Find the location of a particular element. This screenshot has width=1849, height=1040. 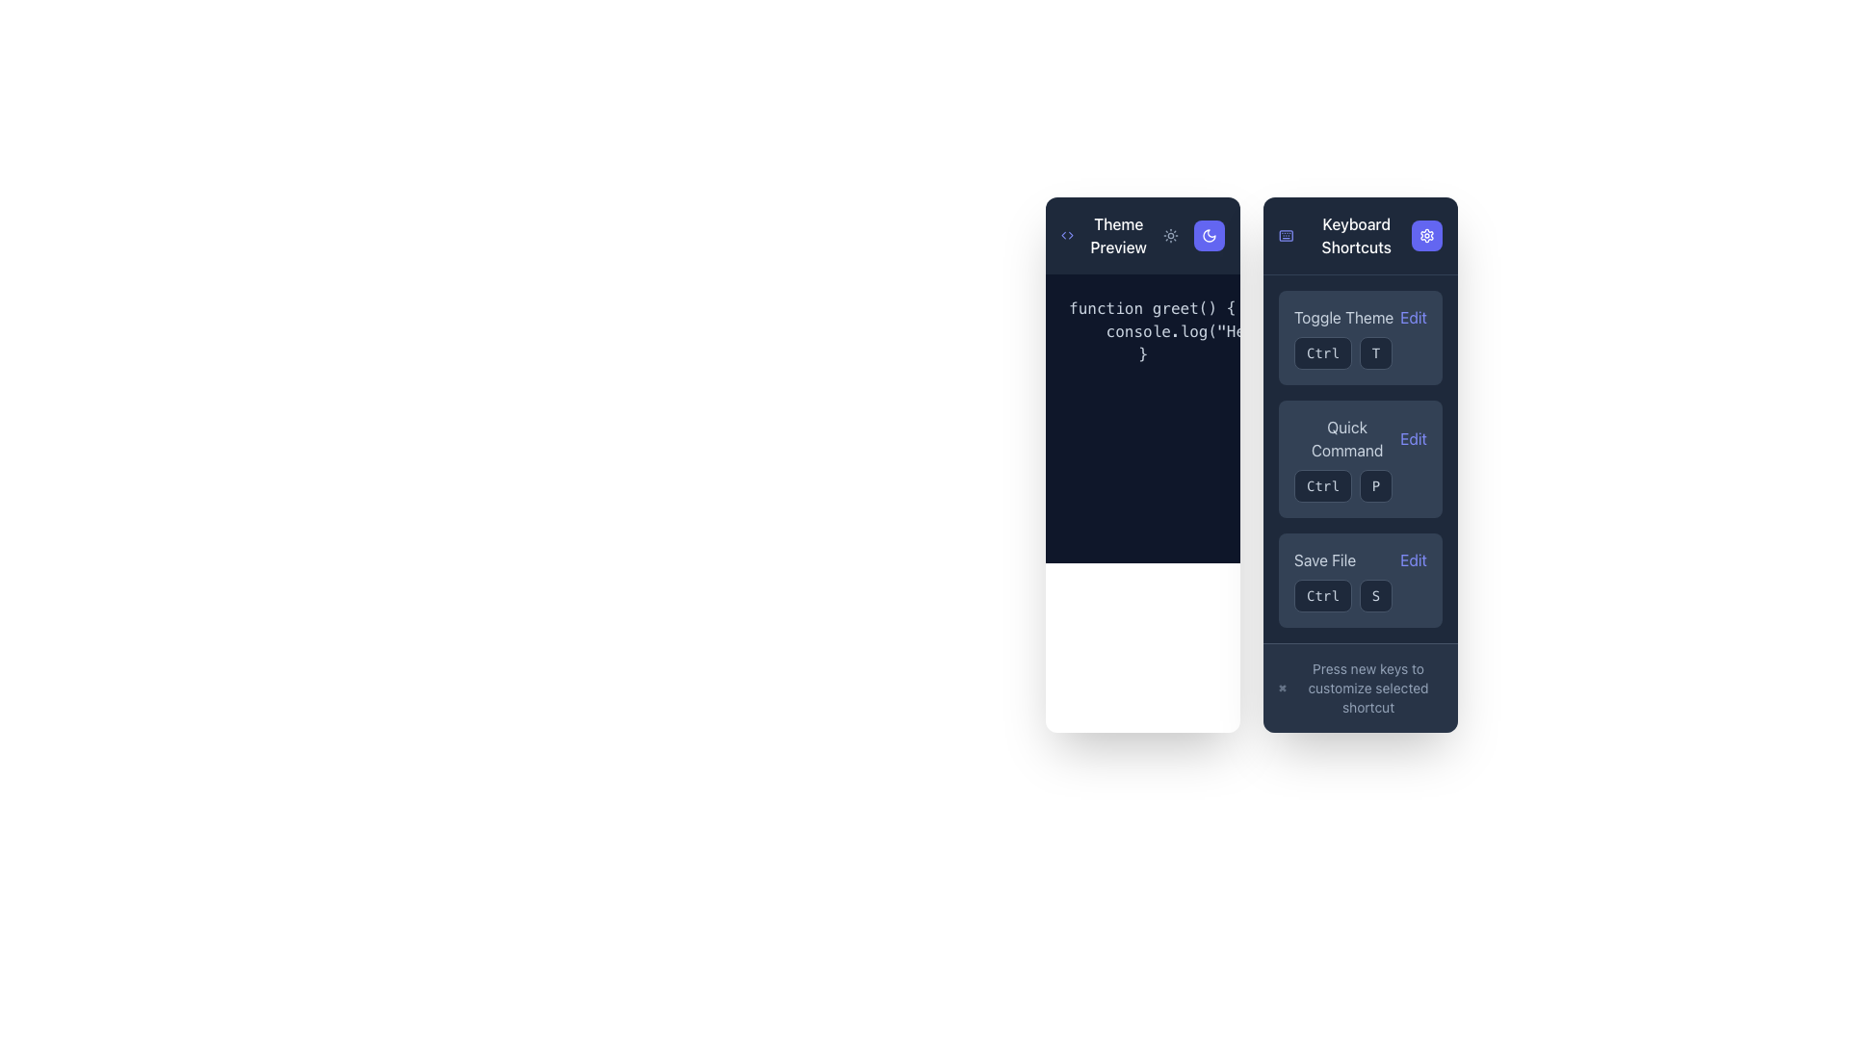

the 'Ctrl' or 'P' buttons in the keyboard shortcut configuration for the 'Quick Command' functionality, which is the second item in the list within the sidebar is located at coordinates (1359, 459).